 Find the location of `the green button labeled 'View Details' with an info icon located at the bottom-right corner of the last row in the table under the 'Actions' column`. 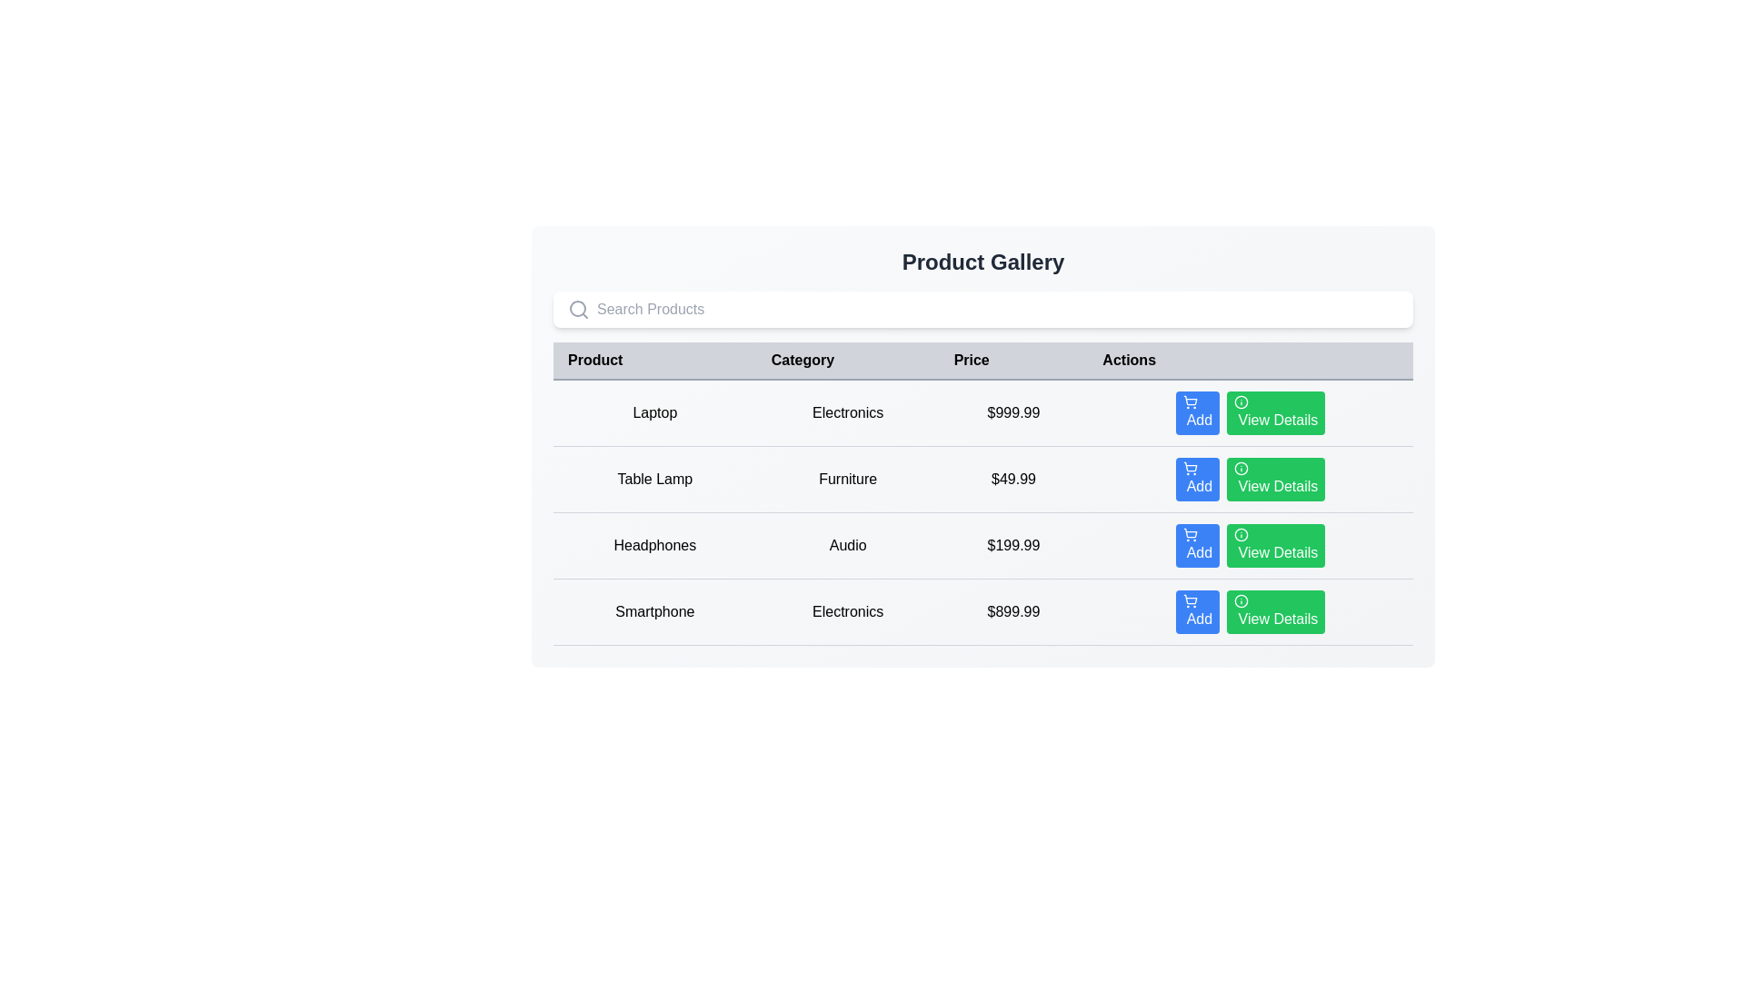

the green button labeled 'View Details' with an info icon located at the bottom-right corner of the last row in the table under the 'Actions' column is located at coordinates (1275, 612).